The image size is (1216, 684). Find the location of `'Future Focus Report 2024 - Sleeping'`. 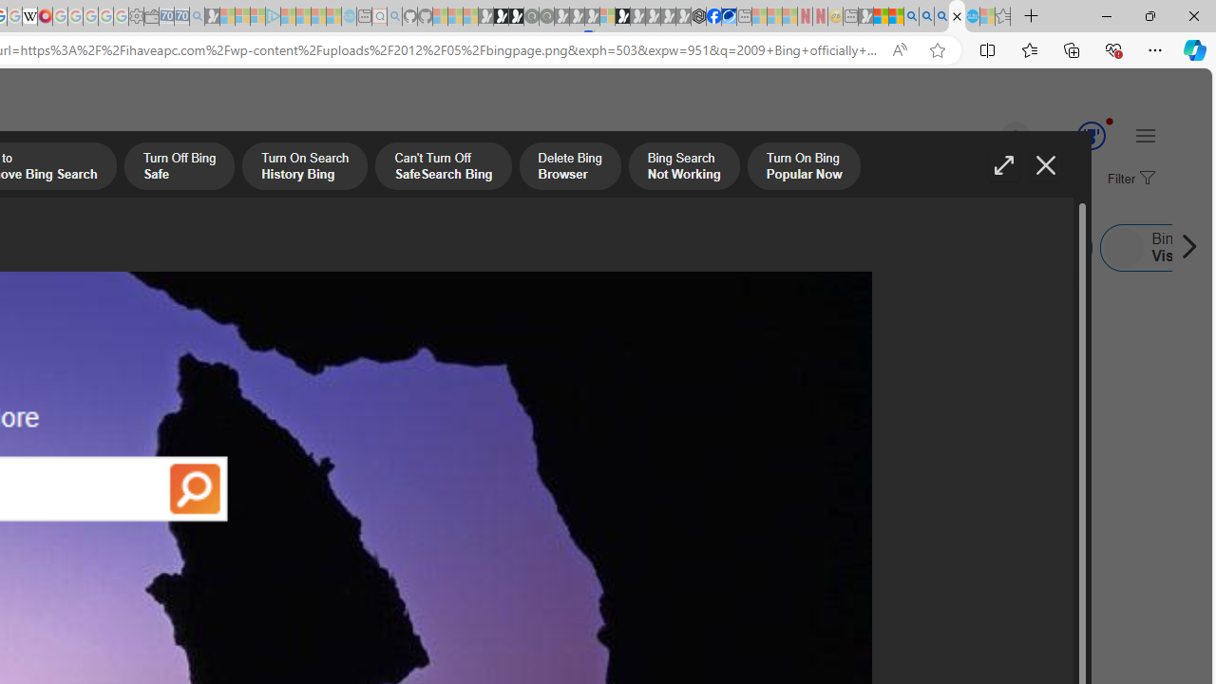

'Future Focus Report 2024 - Sleeping' is located at coordinates (545, 16).